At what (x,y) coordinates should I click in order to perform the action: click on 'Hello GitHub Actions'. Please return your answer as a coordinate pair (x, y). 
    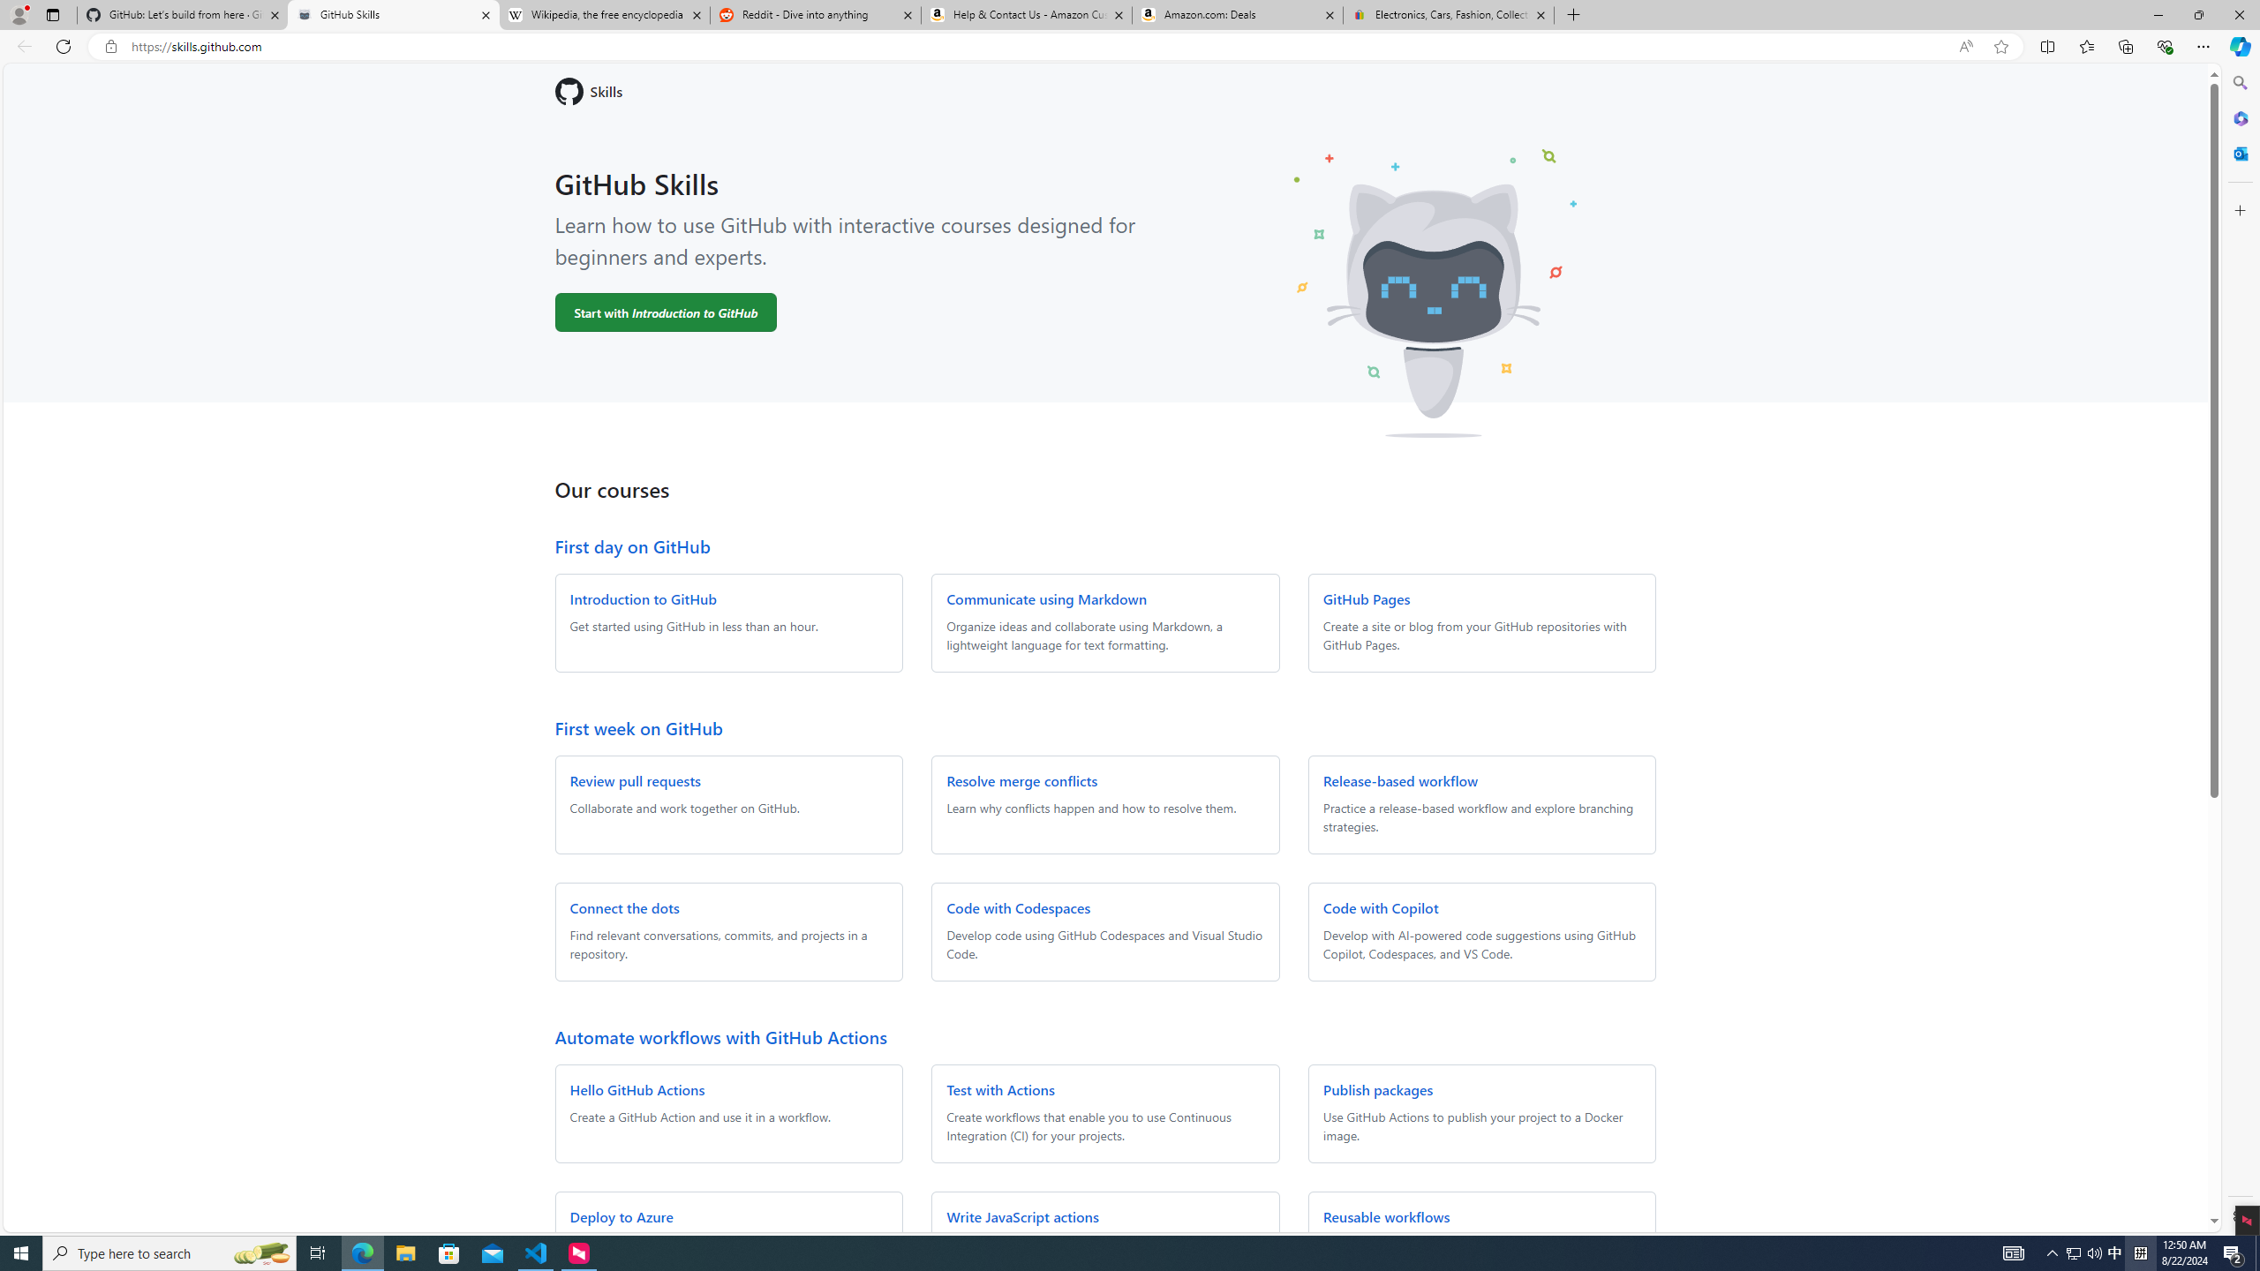
    Looking at the image, I should click on (637, 1088).